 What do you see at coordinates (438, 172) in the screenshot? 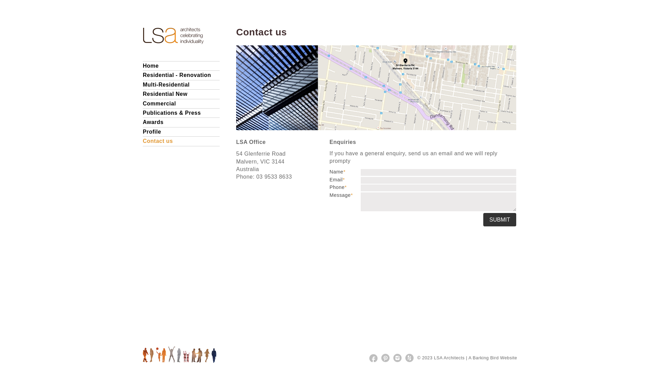
I see `'First Name'` at bounding box center [438, 172].